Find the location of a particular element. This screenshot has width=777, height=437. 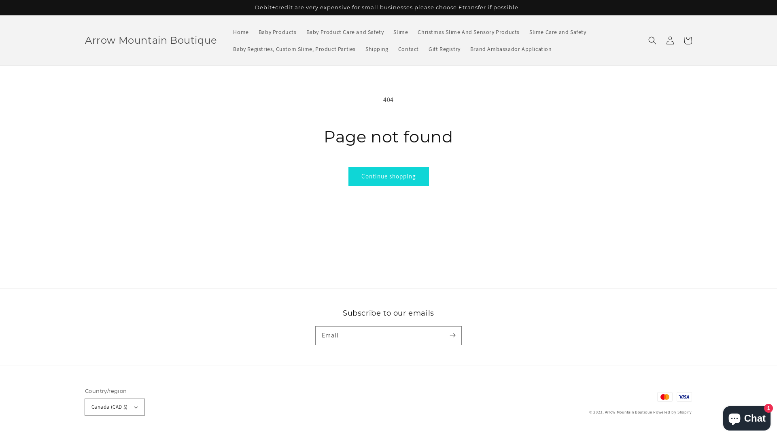

'Powered by Shopify' is located at coordinates (672, 412).